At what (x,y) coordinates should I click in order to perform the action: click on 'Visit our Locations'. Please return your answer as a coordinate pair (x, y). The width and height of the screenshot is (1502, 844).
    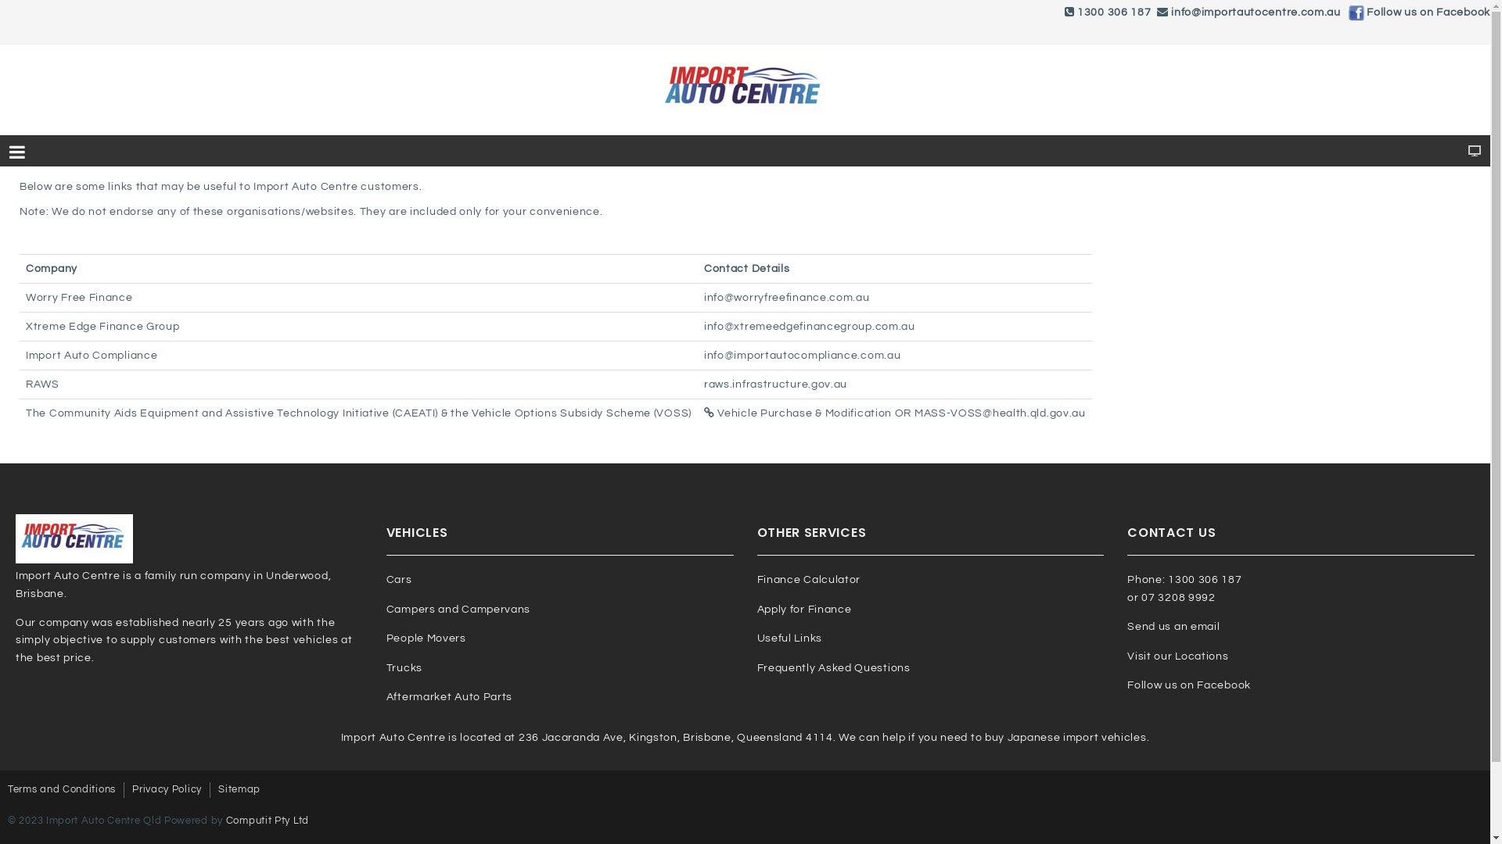
    Looking at the image, I should click on (1177, 656).